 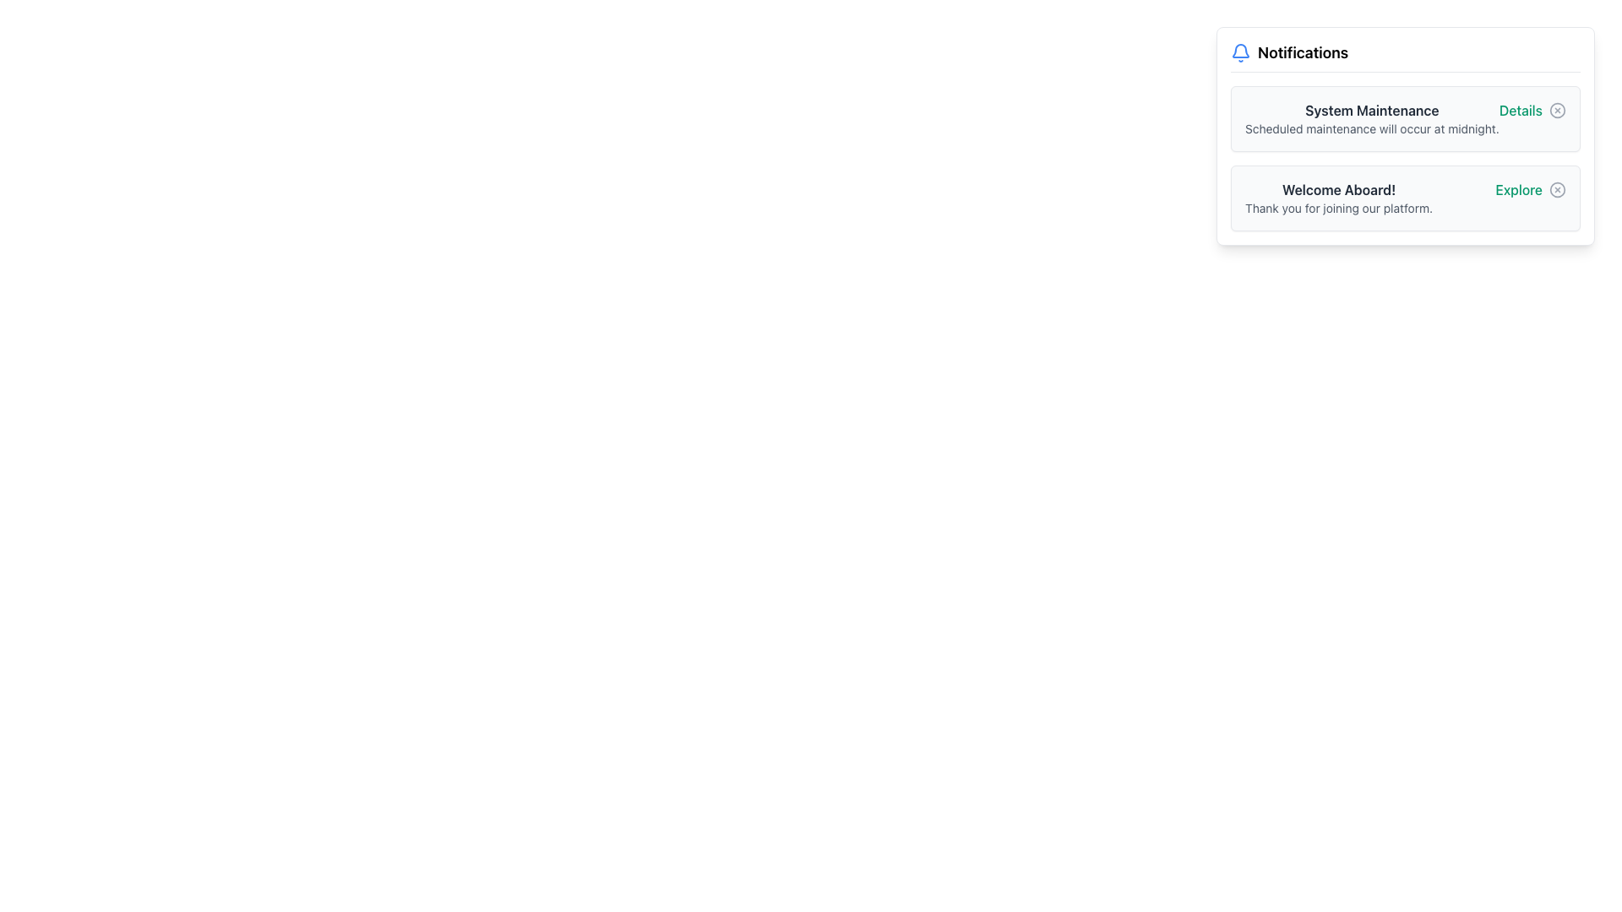 What do you see at coordinates (1372, 128) in the screenshot?
I see `informational message located in the notification section beneath the title 'System Maintenance' on the upper-right side of the interface` at bounding box center [1372, 128].